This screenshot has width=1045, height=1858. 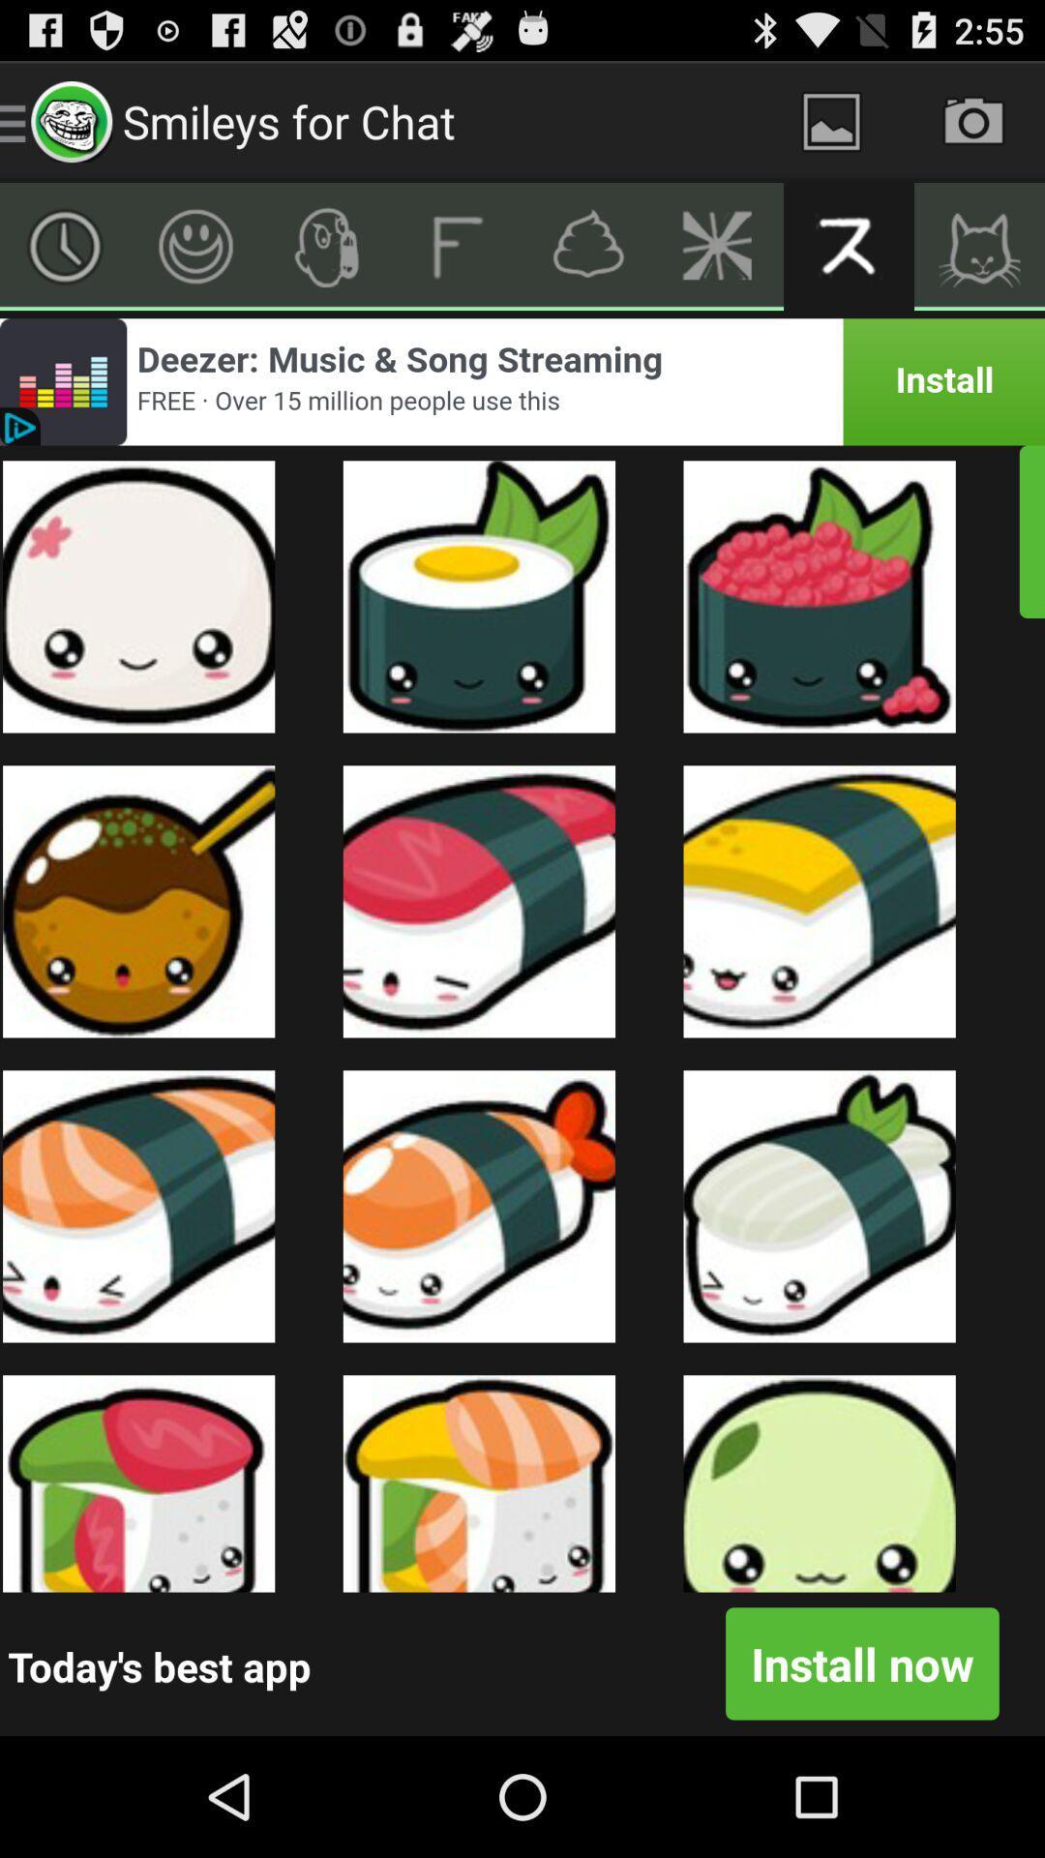 I want to click on install app, so click(x=522, y=381).